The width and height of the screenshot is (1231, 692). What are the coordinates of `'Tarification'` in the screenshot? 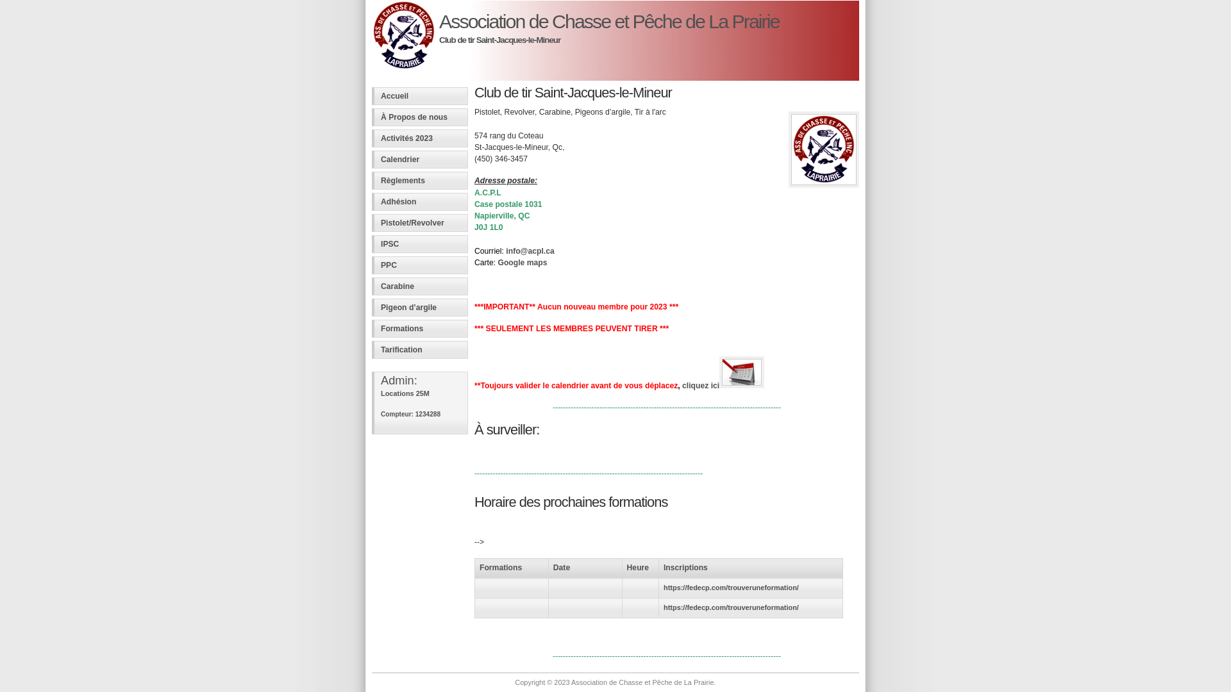 It's located at (419, 350).